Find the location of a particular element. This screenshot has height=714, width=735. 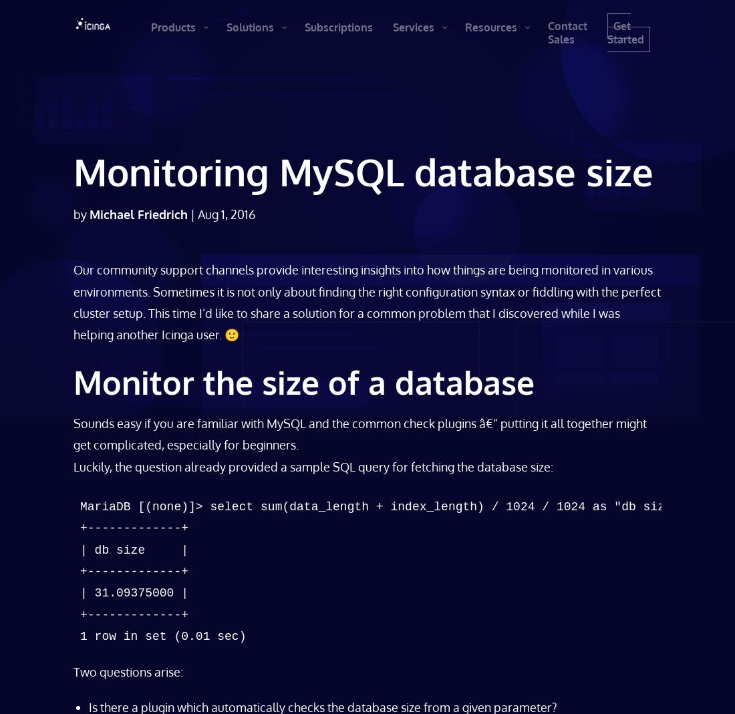

'Get Started' is located at coordinates (629, 31).